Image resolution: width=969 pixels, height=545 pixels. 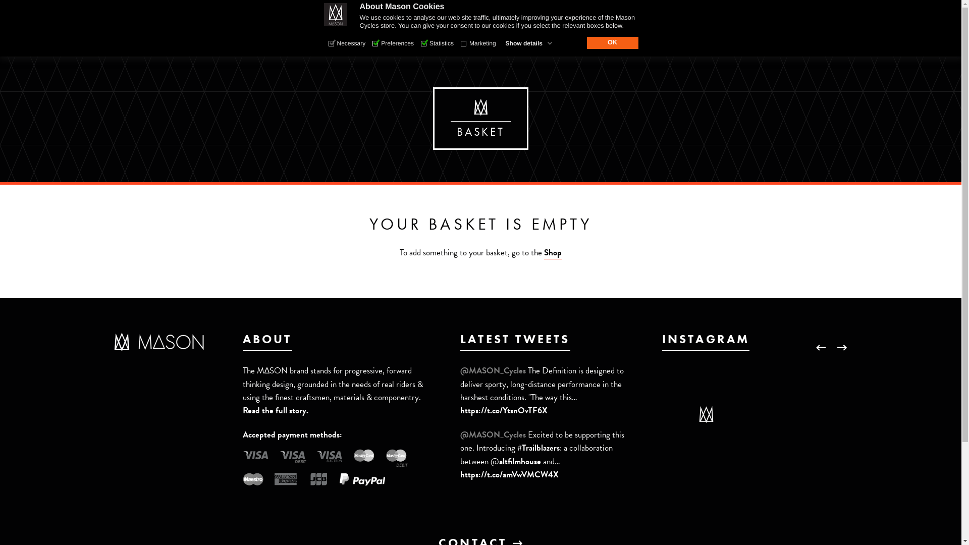 What do you see at coordinates (517, 447) in the screenshot?
I see `'#Trailblazers'` at bounding box center [517, 447].